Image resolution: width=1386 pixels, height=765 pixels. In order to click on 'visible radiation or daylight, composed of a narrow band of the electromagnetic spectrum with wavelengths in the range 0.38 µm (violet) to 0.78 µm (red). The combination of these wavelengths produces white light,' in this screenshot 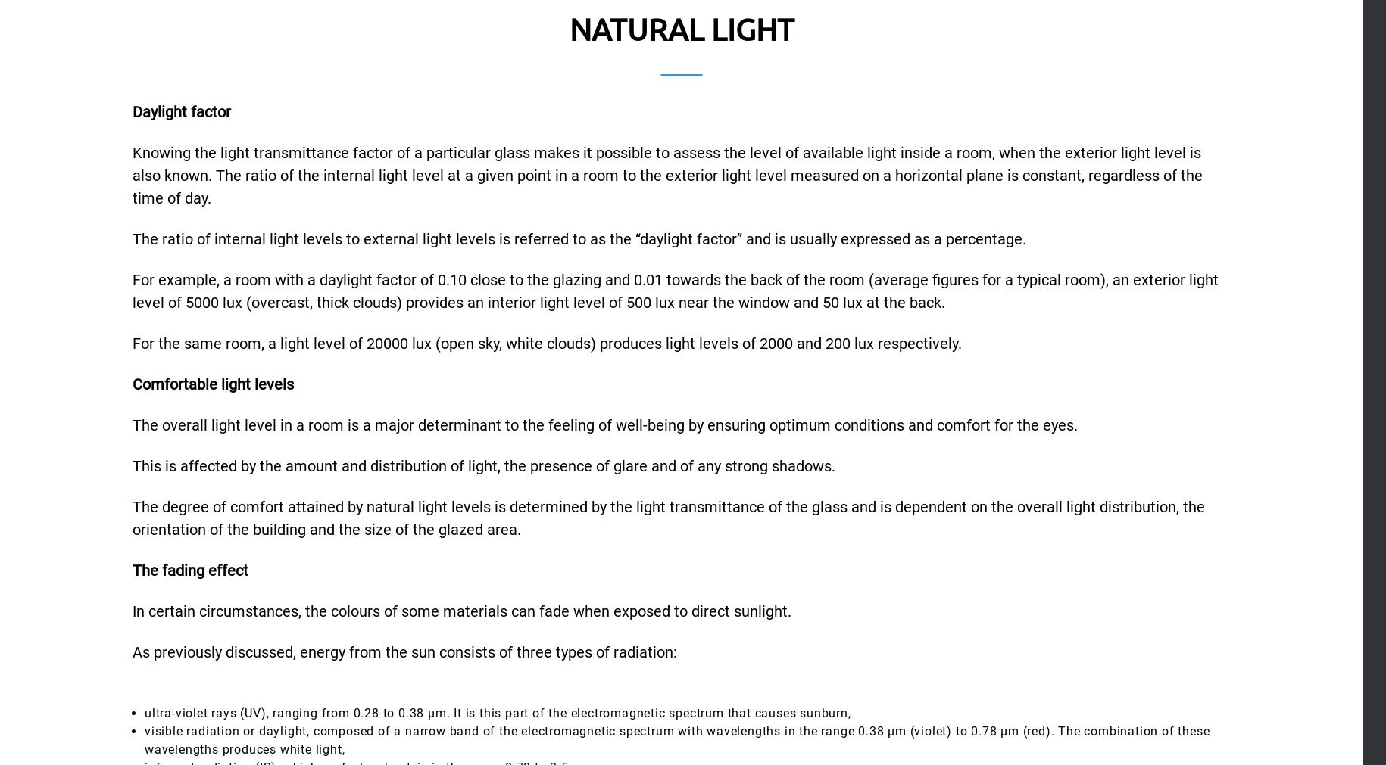, I will do `click(144, 739)`.